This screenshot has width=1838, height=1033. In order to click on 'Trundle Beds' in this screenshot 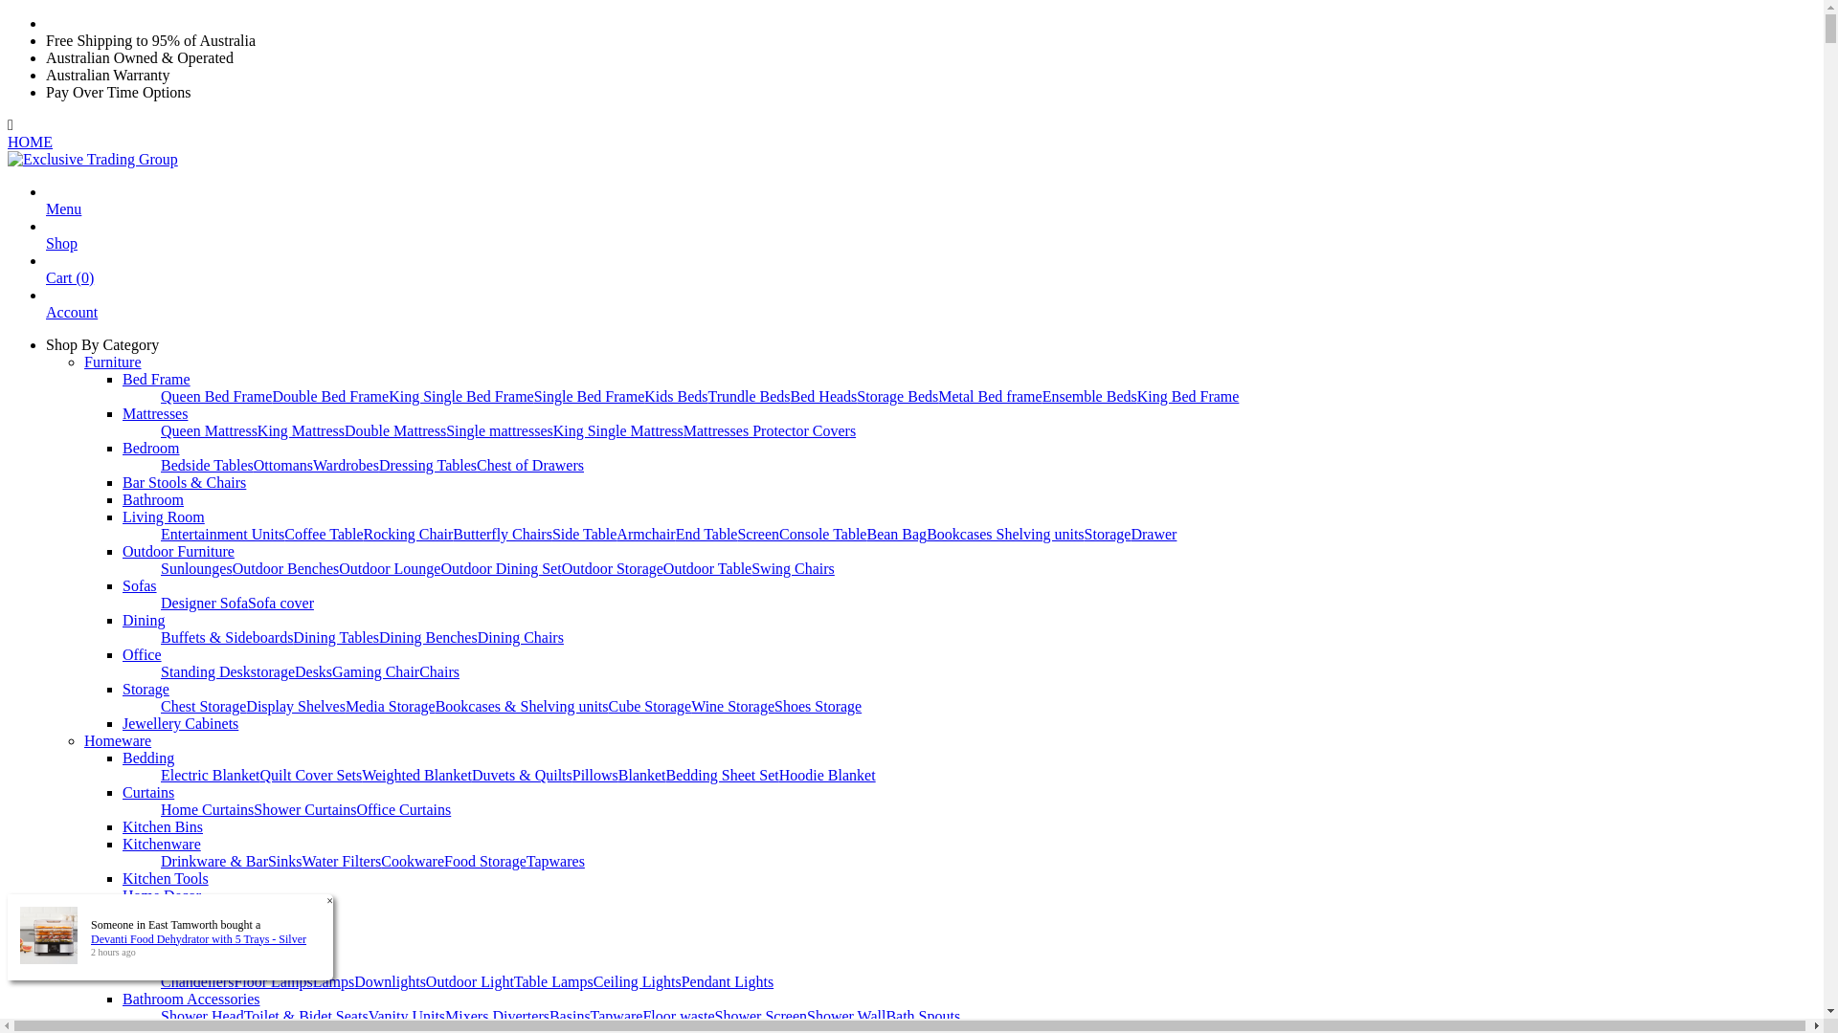, I will do `click(748, 395)`.